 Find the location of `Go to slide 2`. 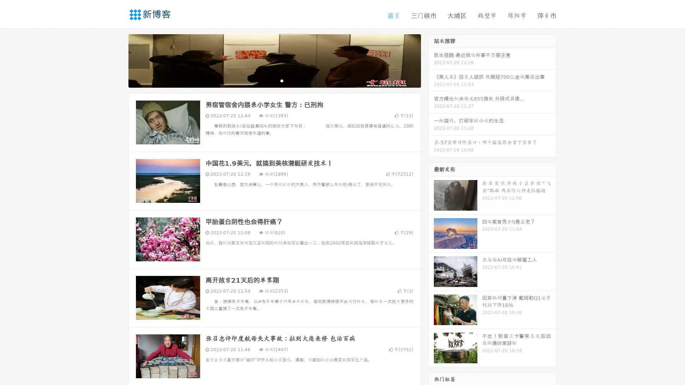

Go to slide 2 is located at coordinates (274, 80).